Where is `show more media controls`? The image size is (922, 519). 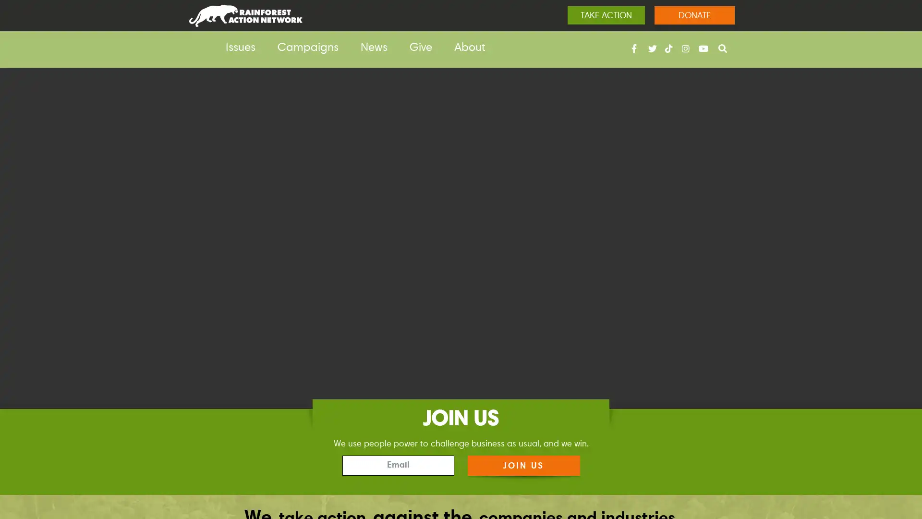 show more media controls is located at coordinates (898, 468).